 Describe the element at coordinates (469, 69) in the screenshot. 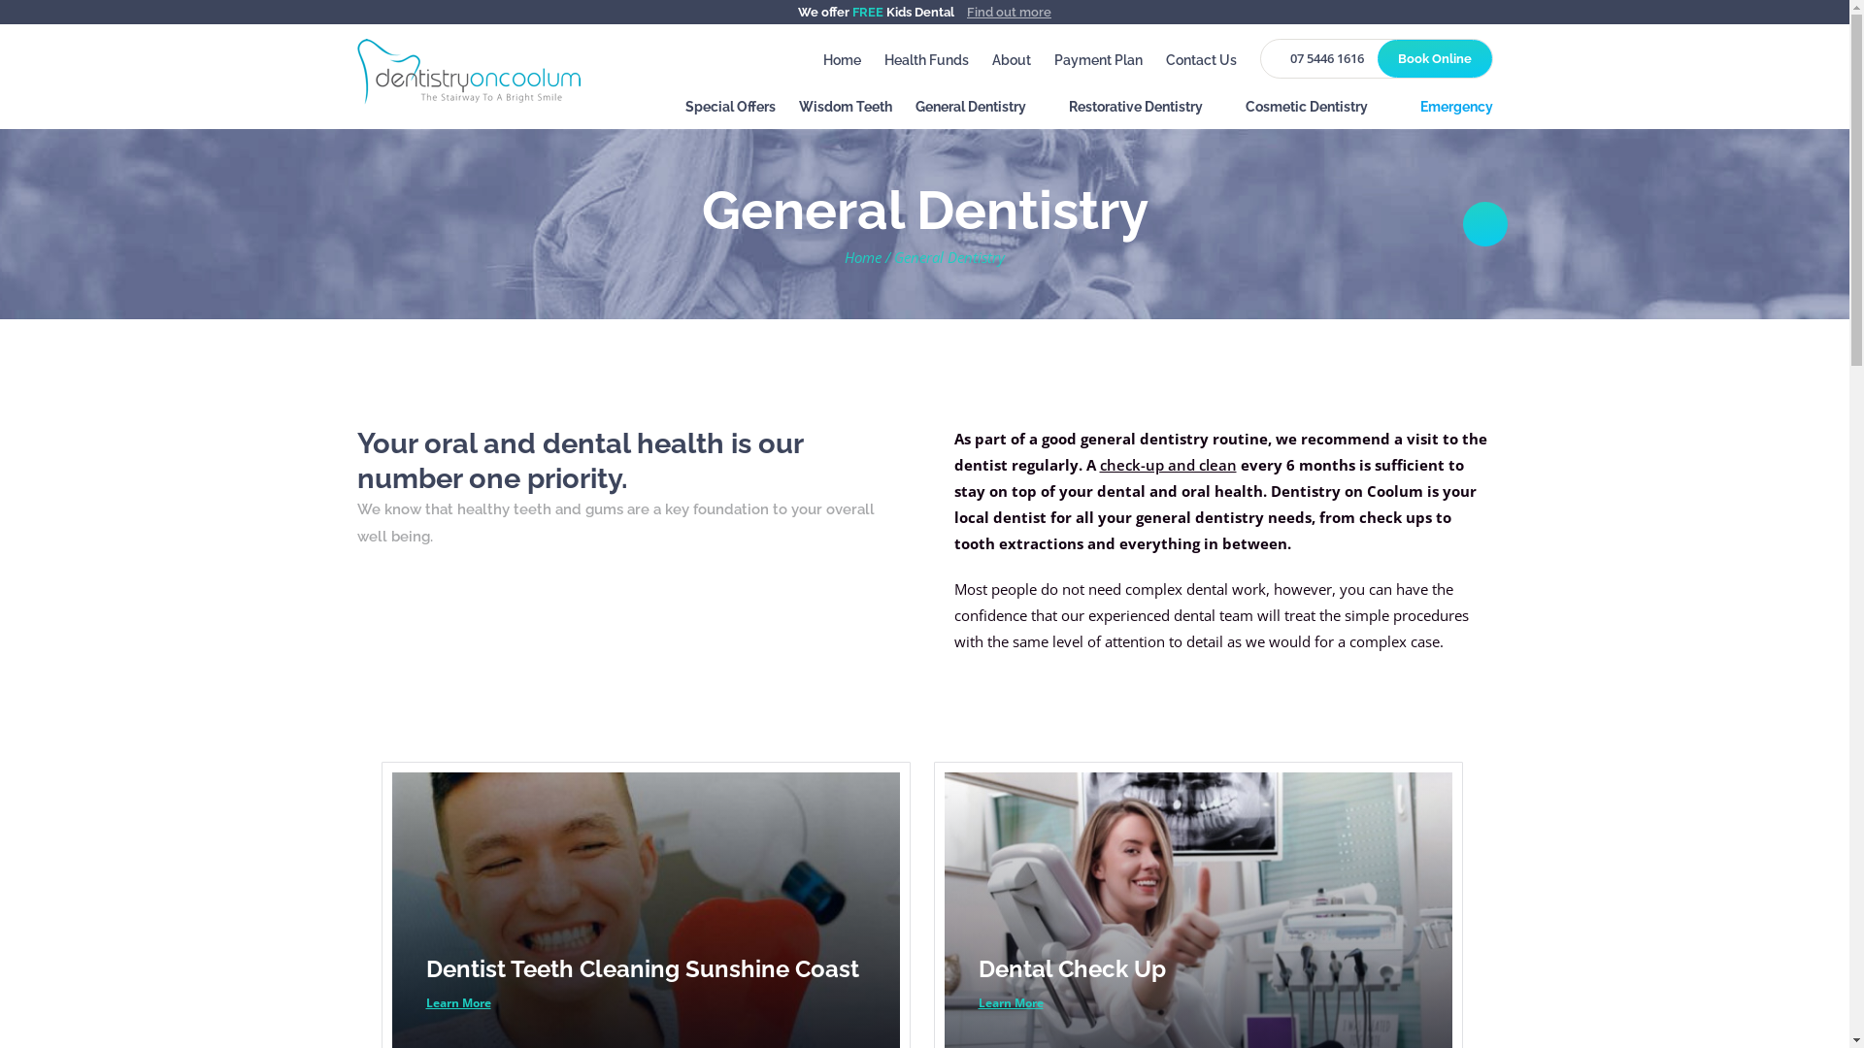

I see `'Dentistry on Coolum'` at that location.